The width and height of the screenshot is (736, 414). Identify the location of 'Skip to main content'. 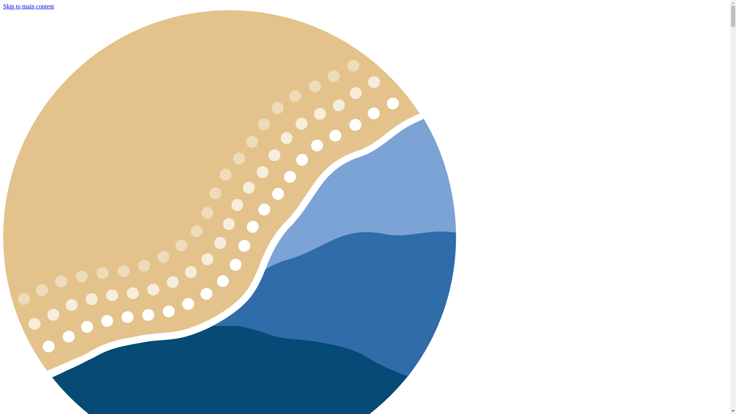
(28, 6).